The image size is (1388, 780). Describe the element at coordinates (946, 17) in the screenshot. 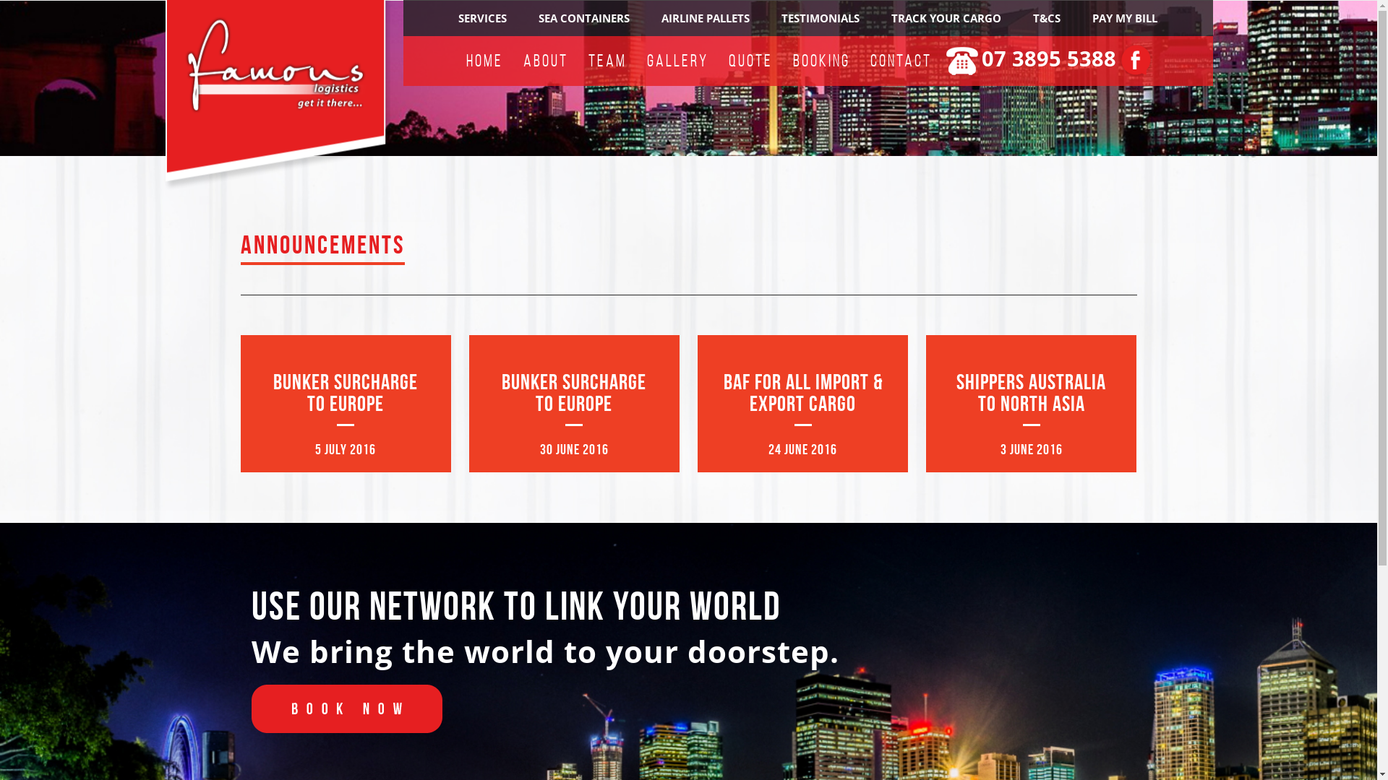

I see `'TRACK YOUR CARGO'` at that location.